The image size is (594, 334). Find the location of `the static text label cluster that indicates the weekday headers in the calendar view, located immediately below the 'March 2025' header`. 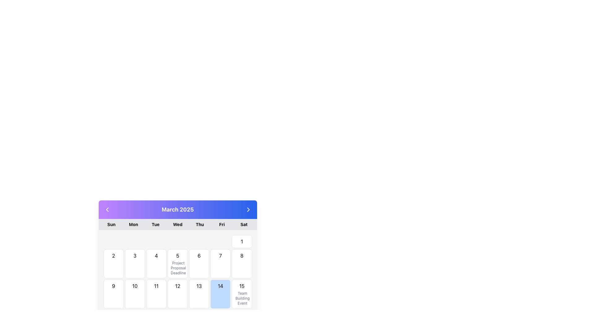

the static text label cluster that indicates the weekday headers in the calendar view, located immediately below the 'March 2025' header is located at coordinates (177, 224).